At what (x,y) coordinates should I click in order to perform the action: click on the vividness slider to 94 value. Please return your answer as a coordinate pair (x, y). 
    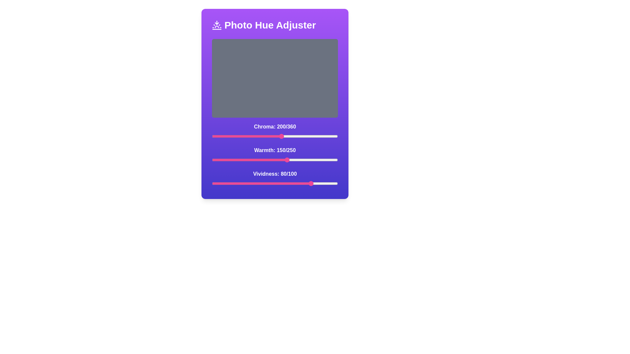
    Looking at the image, I should click on (330, 183).